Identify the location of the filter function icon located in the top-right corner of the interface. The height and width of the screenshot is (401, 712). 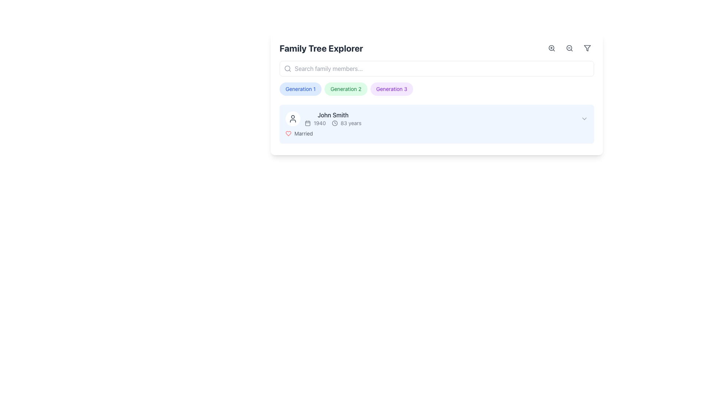
(587, 48).